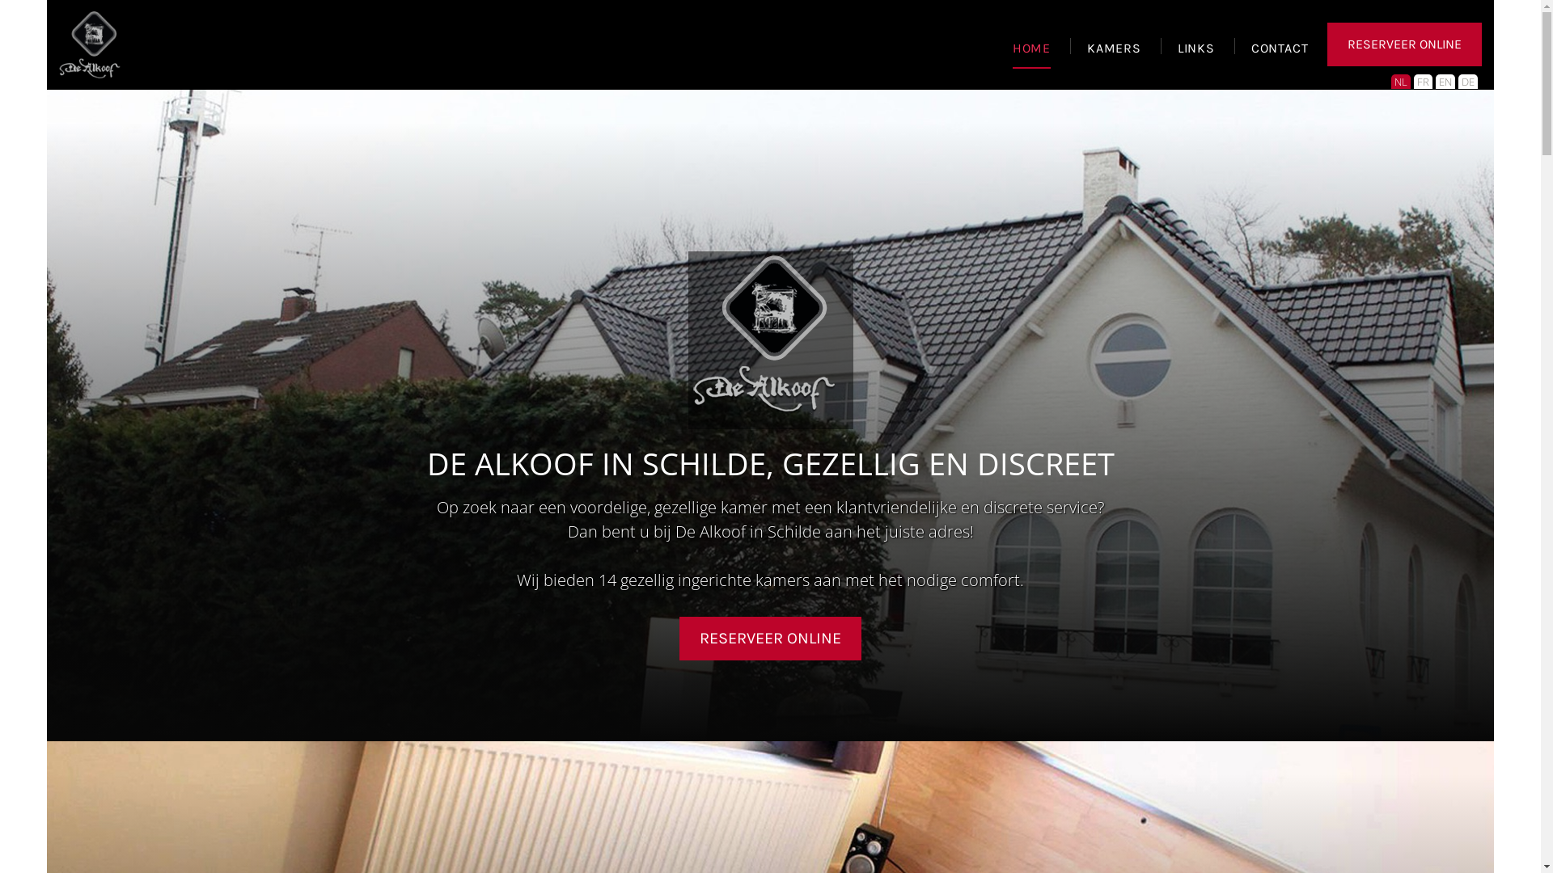 This screenshot has height=873, width=1553. Describe the element at coordinates (1195, 53) in the screenshot. I see `'LINKS'` at that location.